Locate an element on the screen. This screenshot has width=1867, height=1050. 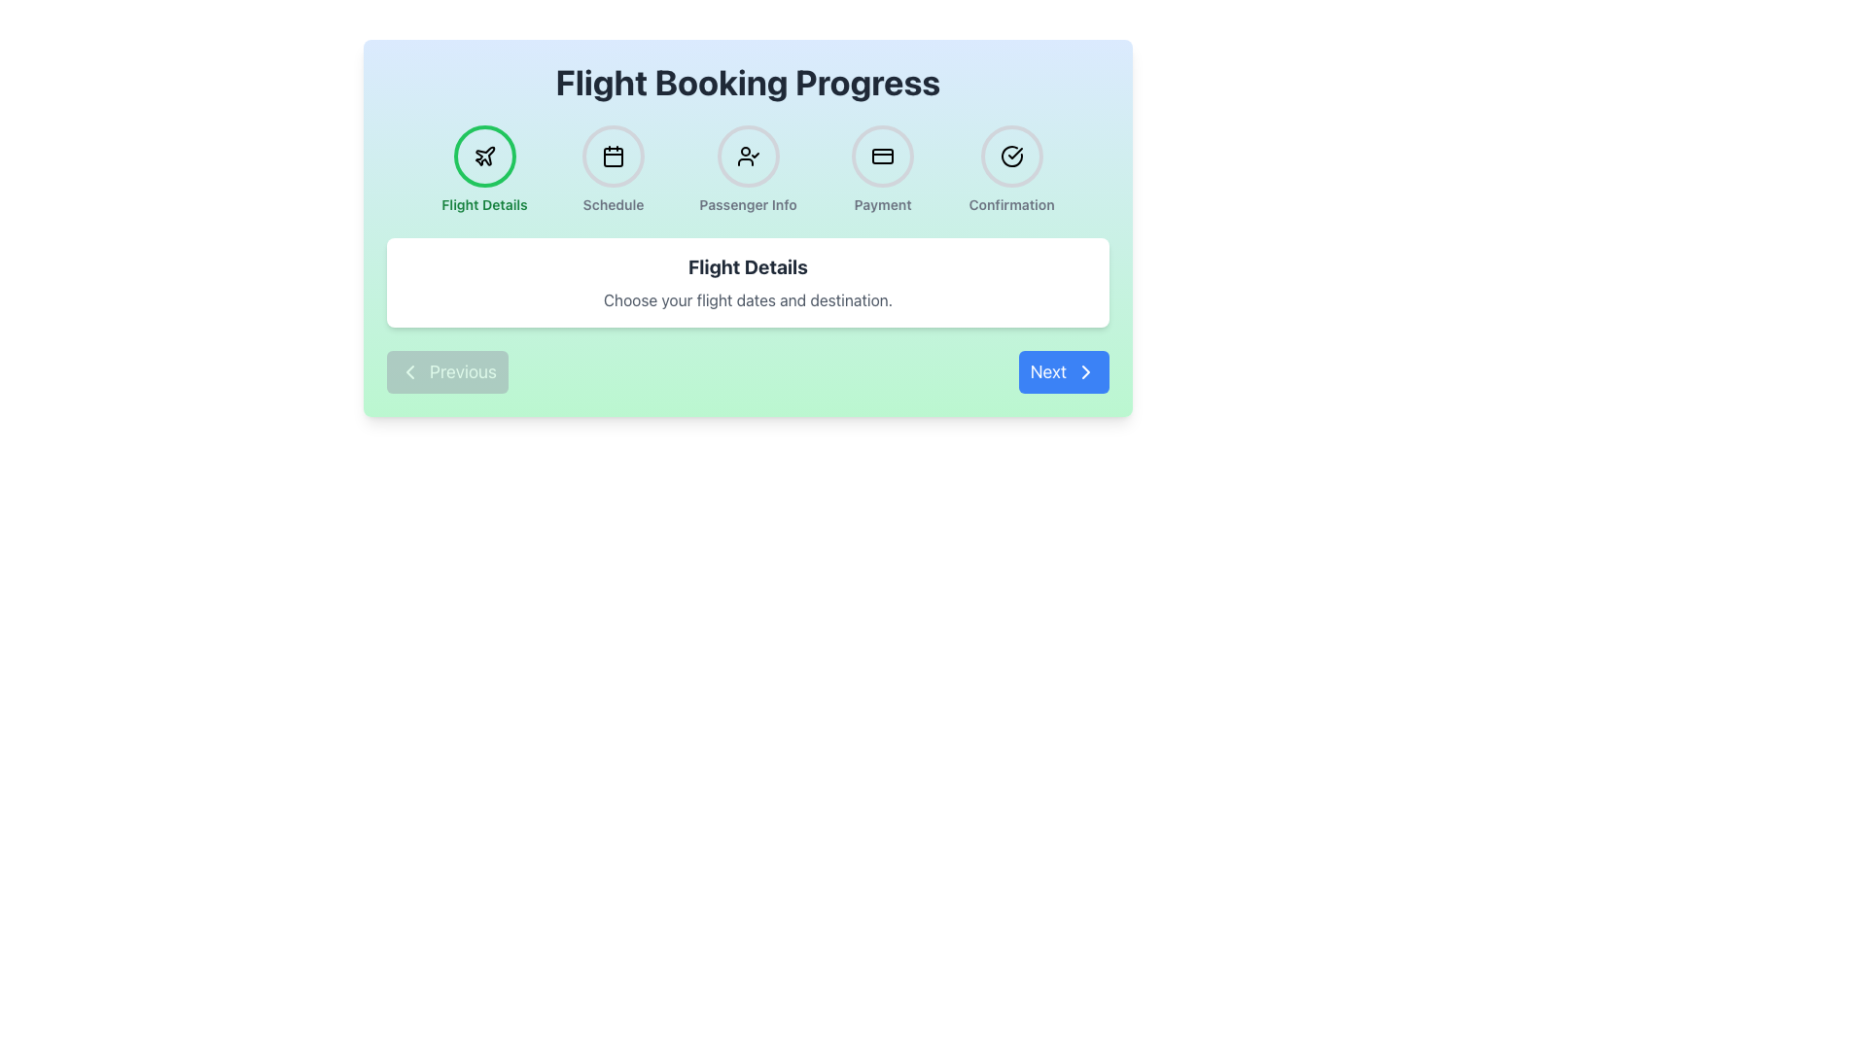
the Step indicator with a circular green-bordered icon and a plane icon, labeled 'Flight Details' is located at coordinates (484, 168).